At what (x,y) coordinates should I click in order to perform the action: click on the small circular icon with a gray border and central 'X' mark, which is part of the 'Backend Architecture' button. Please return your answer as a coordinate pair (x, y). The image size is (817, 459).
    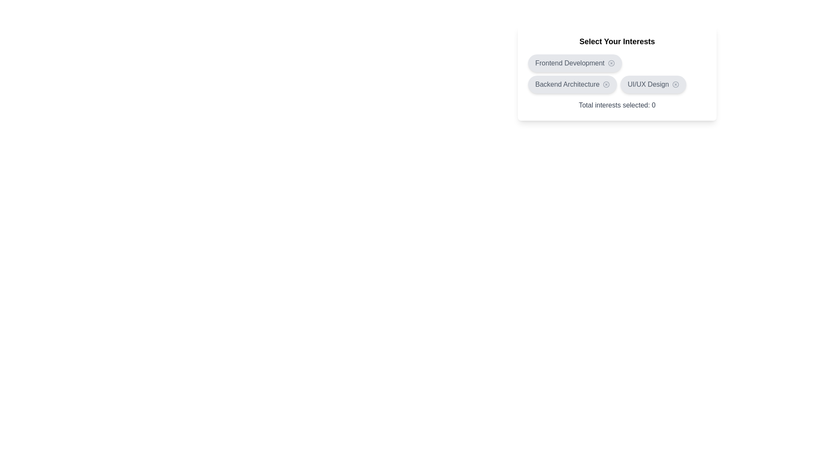
    Looking at the image, I should click on (606, 85).